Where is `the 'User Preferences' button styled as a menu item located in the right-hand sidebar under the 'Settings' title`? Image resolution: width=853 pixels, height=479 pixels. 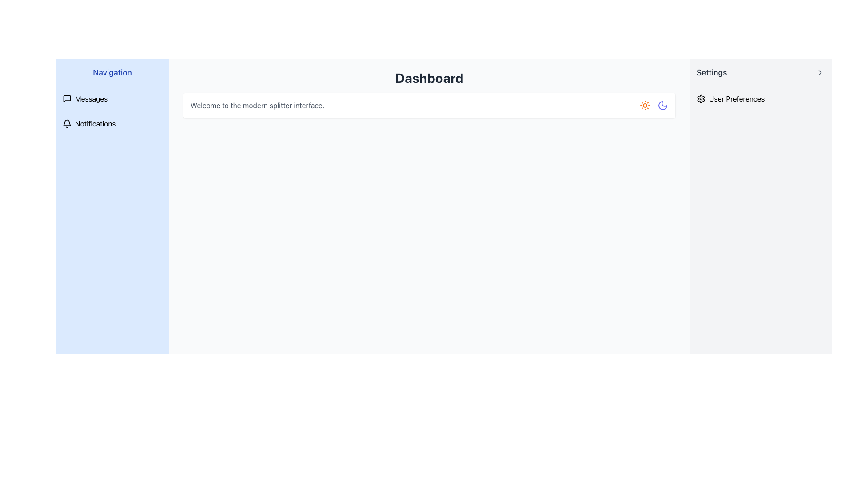 the 'User Preferences' button styled as a menu item located in the right-hand sidebar under the 'Settings' title is located at coordinates (760, 99).